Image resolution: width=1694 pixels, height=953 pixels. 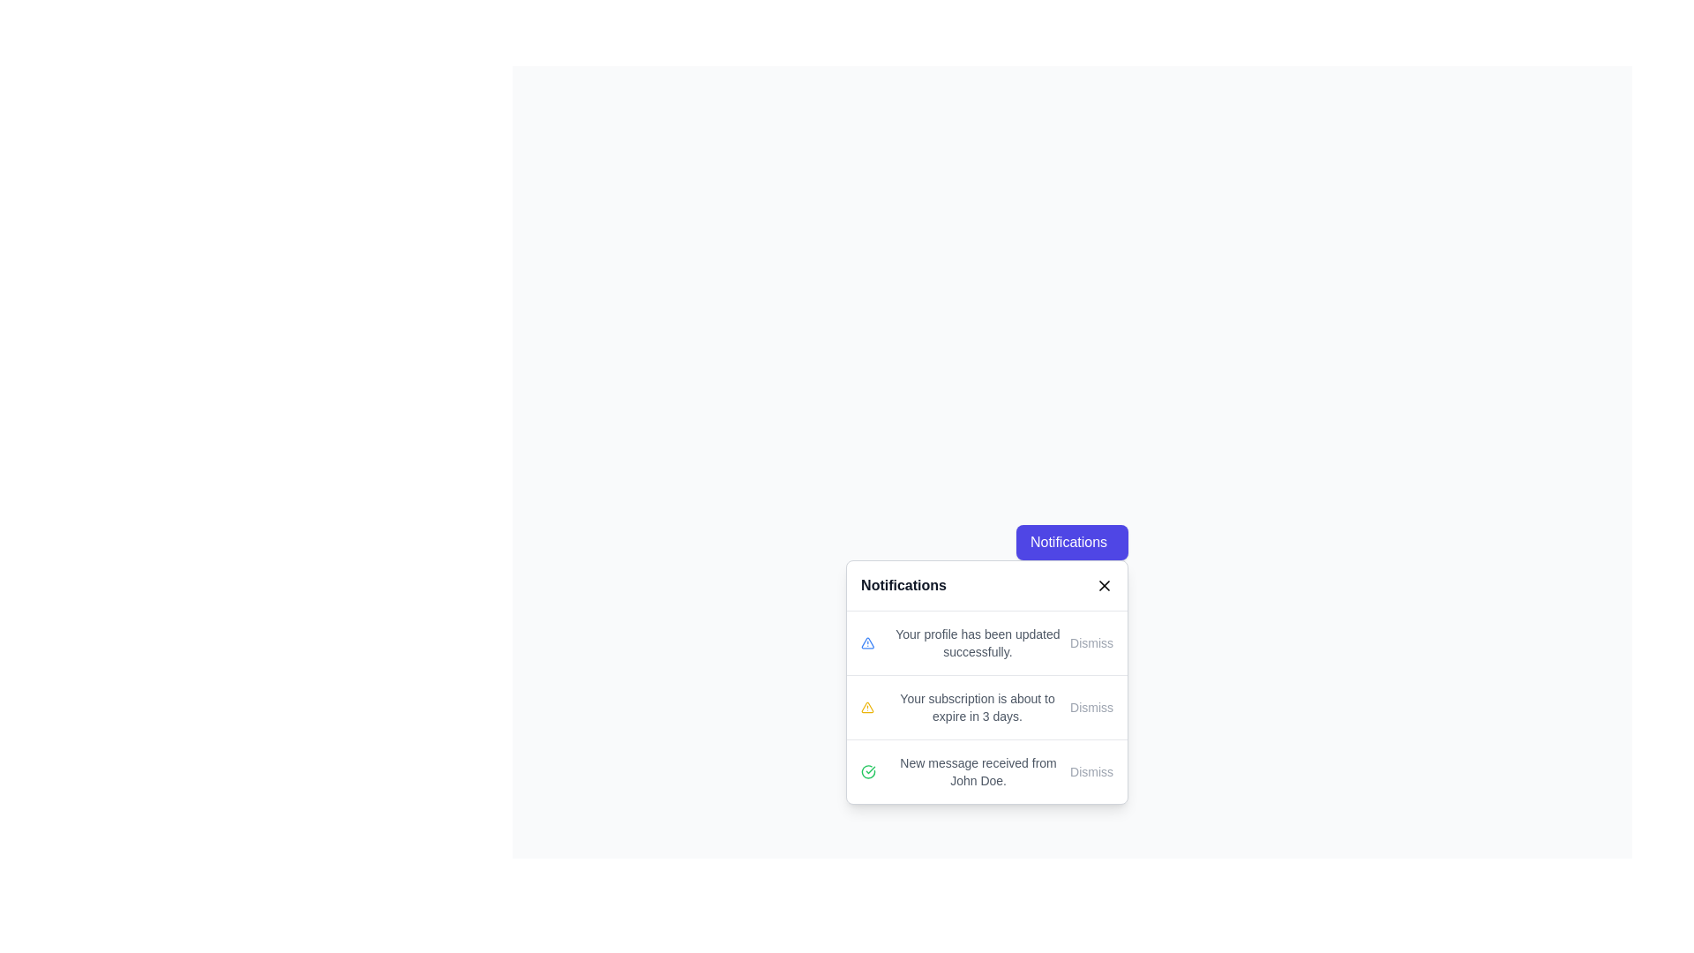 What do you see at coordinates (986, 706) in the screenshot?
I see `the 'Dismiss' link in the second notification item that contains a yellow warning icon and the message 'Your subscription is about to expire in 3 days.'` at bounding box center [986, 706].